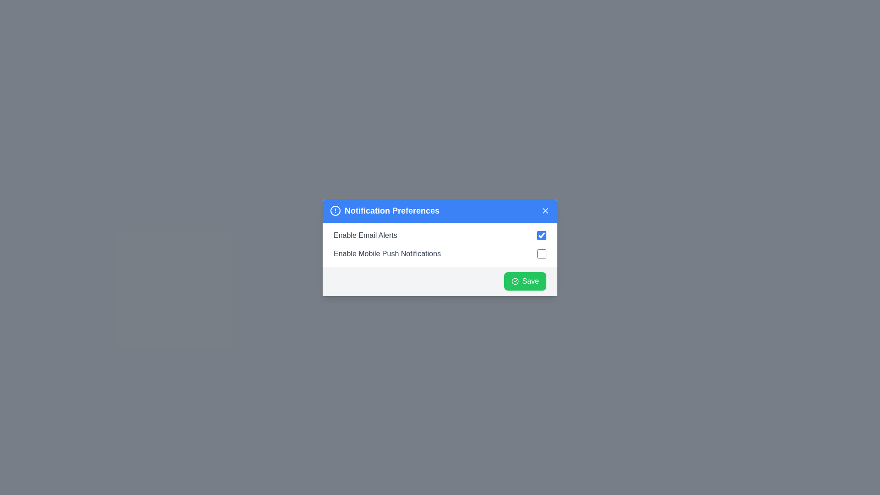 This screenshot has width=880, height=495. I want to click on the checked checkbox with a blue accent color located next to the text 'Enable Email Alerts', so click(541, 235).